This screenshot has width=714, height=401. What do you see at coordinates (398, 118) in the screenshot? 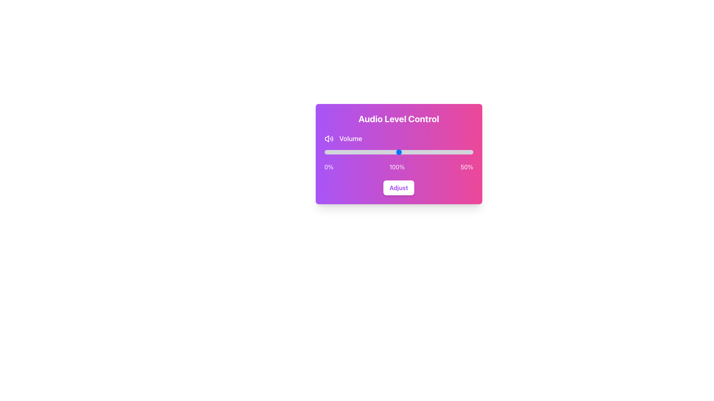
I see `the prominent header text 'Audio Level Control'` at bounding box center [398, 118].